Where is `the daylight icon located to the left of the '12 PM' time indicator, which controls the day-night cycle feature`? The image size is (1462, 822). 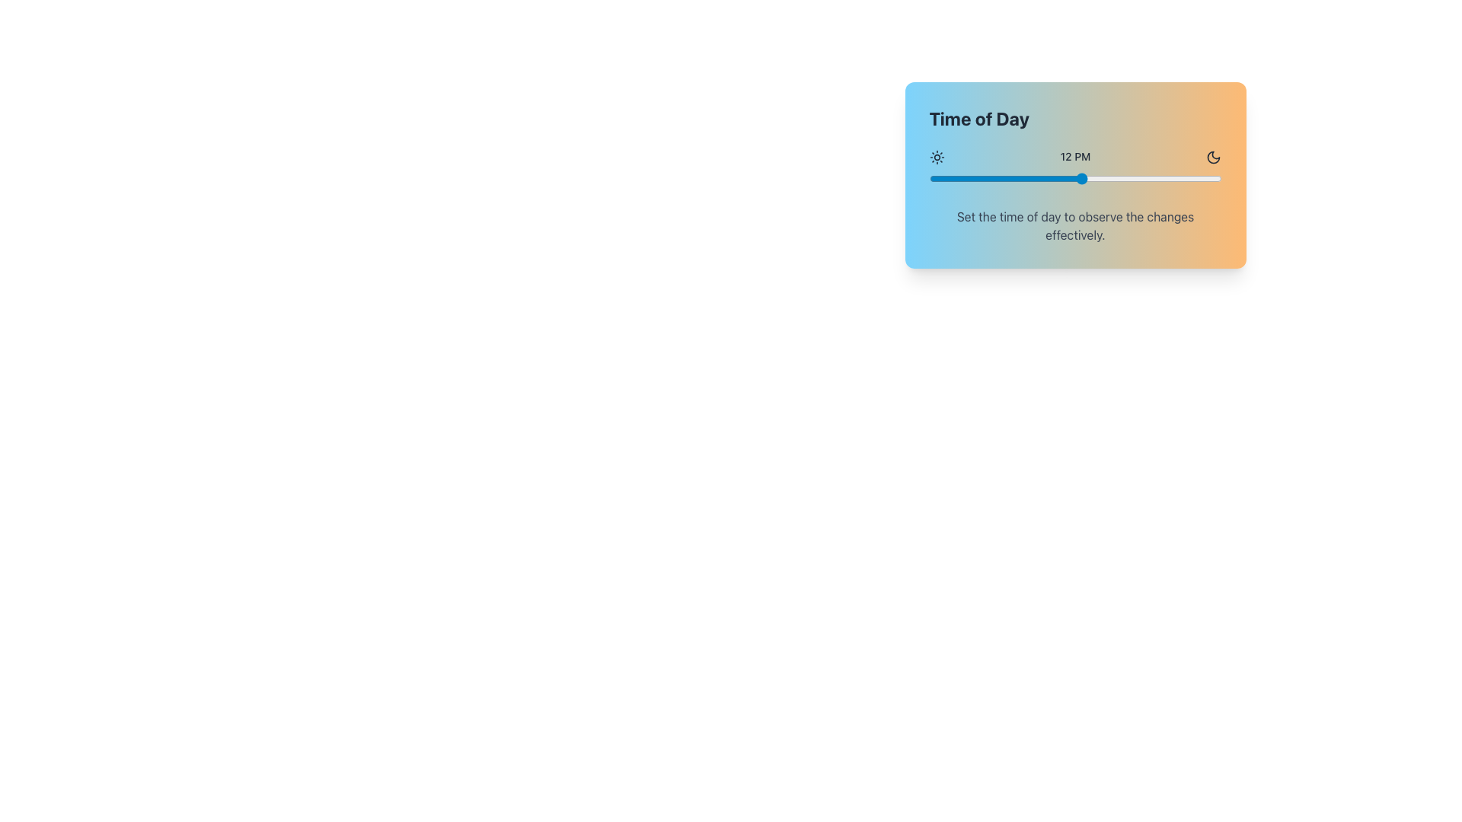 the daylight icon located to the left of the '12 PM' time indicator, which controls the day-night cycle feature is located at coordinates (936, 157).